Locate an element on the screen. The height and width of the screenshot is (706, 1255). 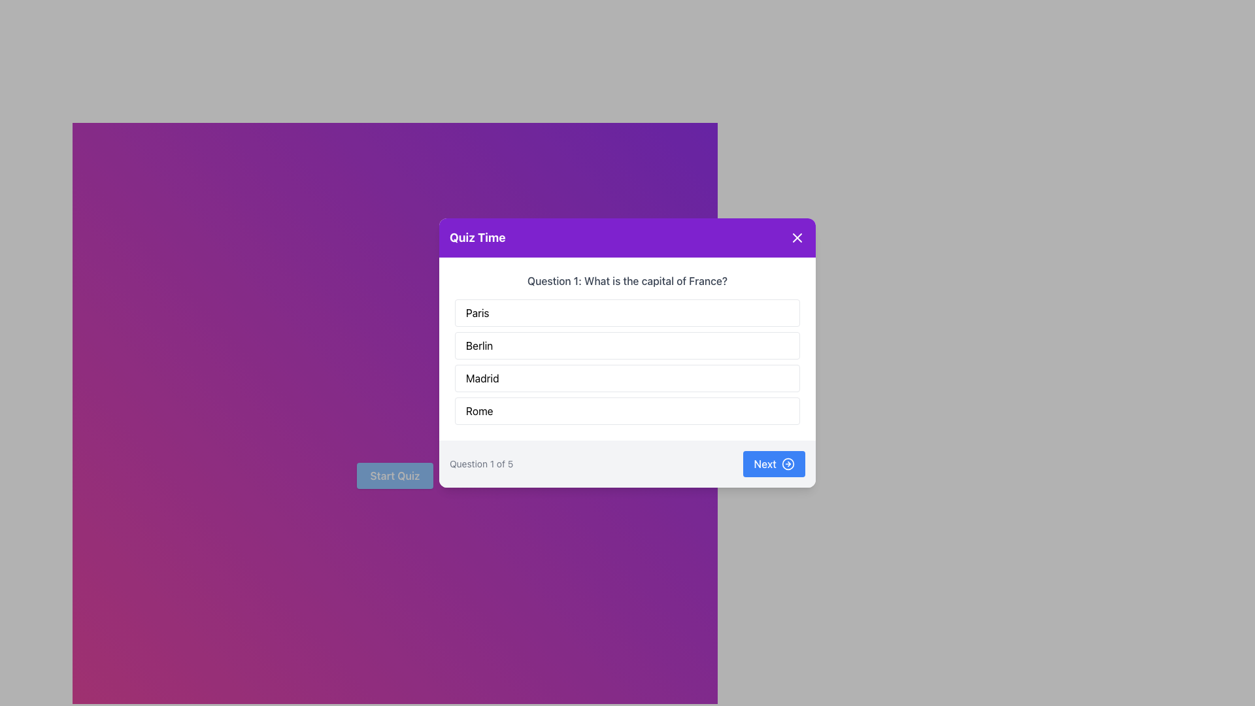
the 'Start Quiz' button, which is a light blue rectangular button with white bold text located near the bottom-left corner of the quiz interface is located at coordinates (394, 476).